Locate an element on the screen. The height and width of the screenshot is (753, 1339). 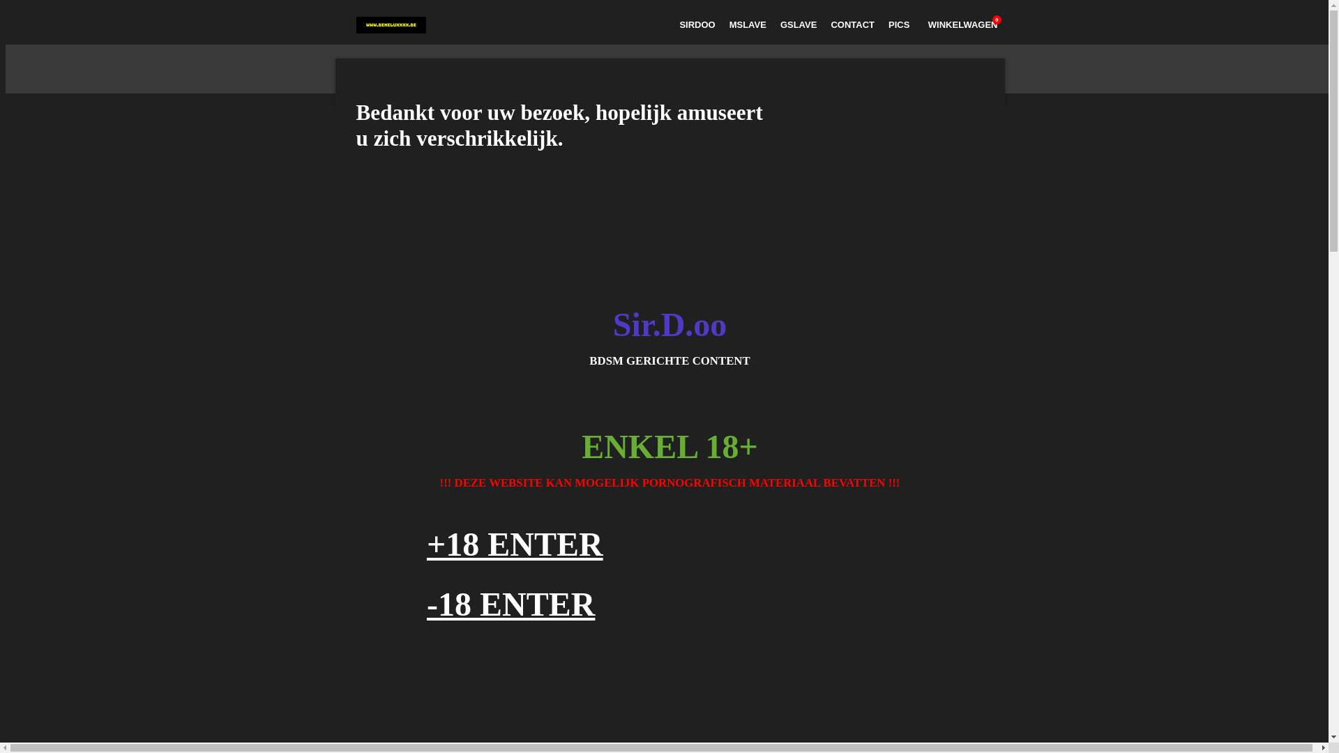
'0 is located at coordinates (960, 24).